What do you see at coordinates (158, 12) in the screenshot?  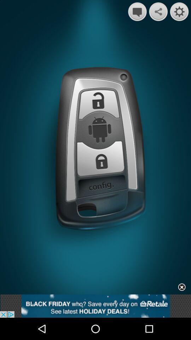 I see `the share icon` at bounding box center [158, 12].